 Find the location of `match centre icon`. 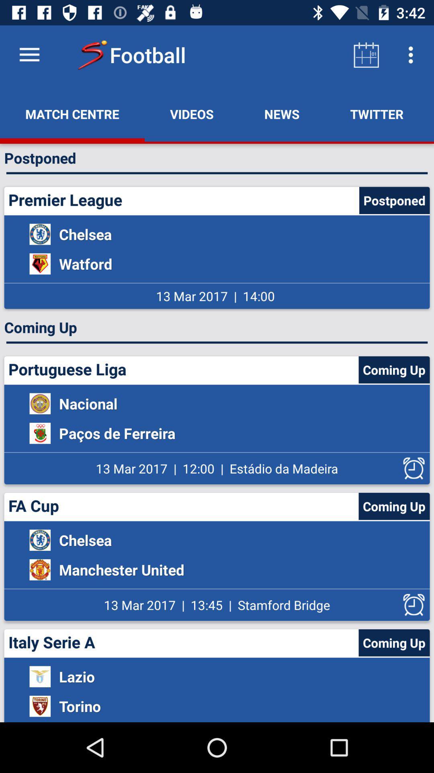

match centre icon is located at coordinates (72, 114).